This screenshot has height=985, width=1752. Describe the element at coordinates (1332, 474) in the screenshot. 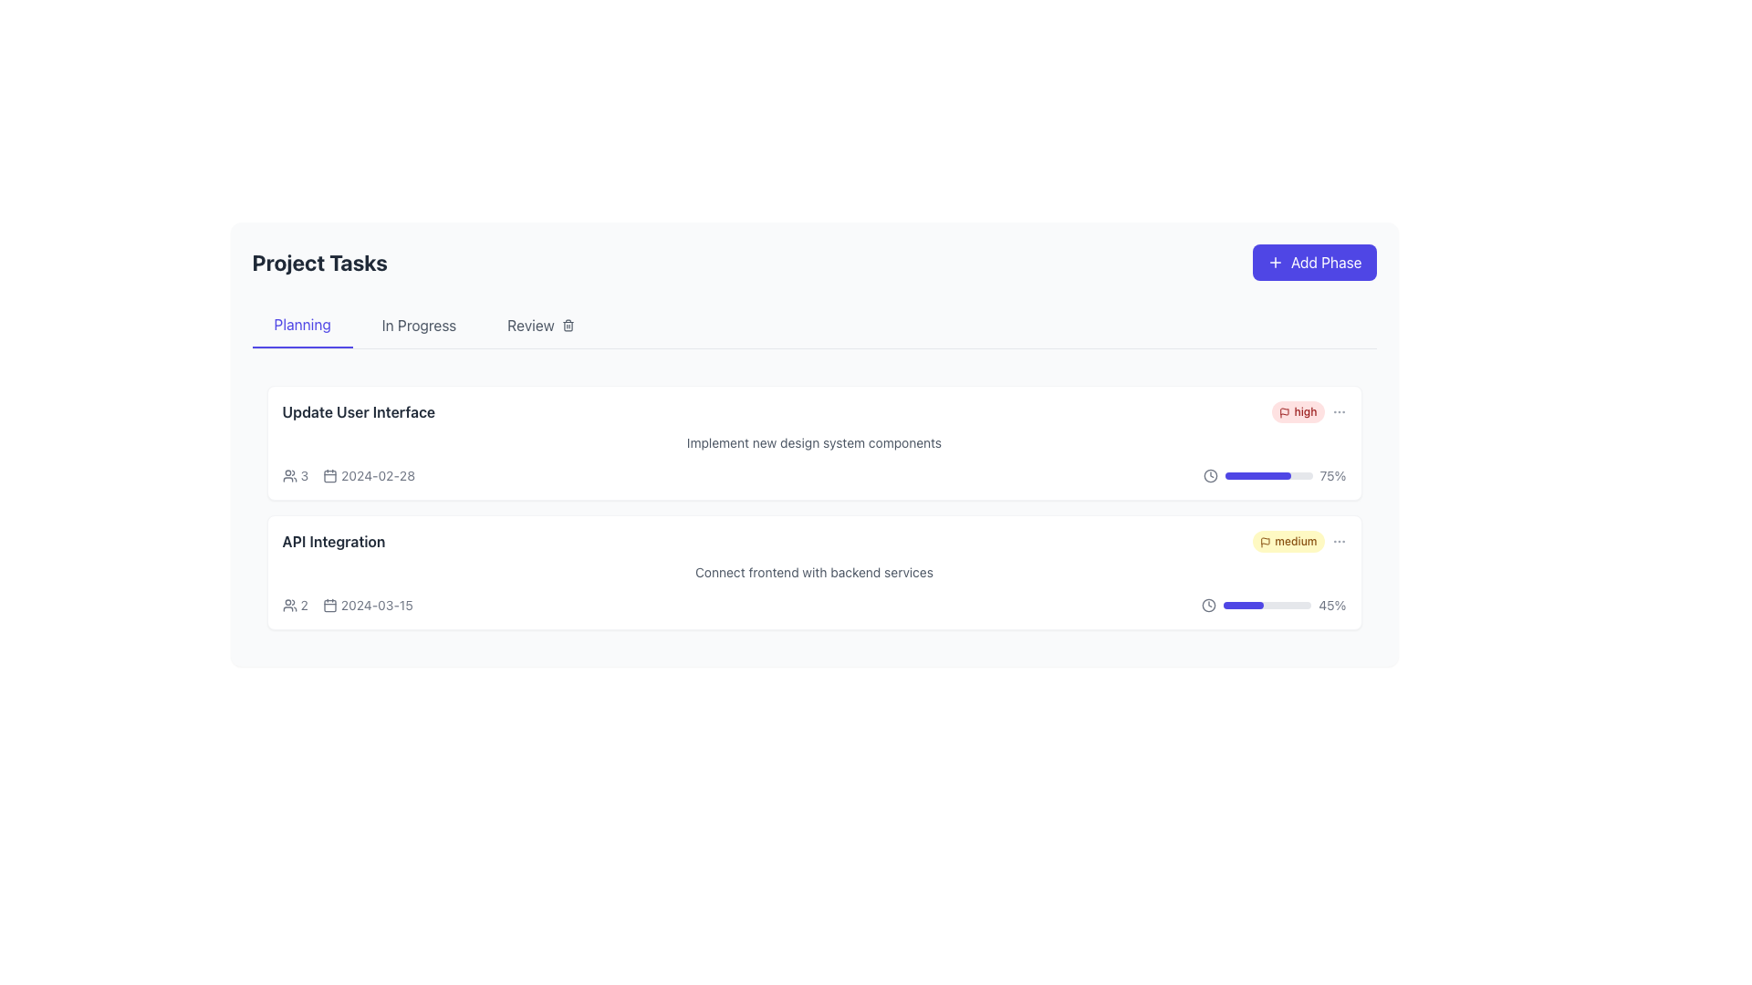

I see `the static text label displaying '75%' which is aligned horizontally with the progress bar and located towards the right-hand side of the first task block under the 'Planning' section` at that location.